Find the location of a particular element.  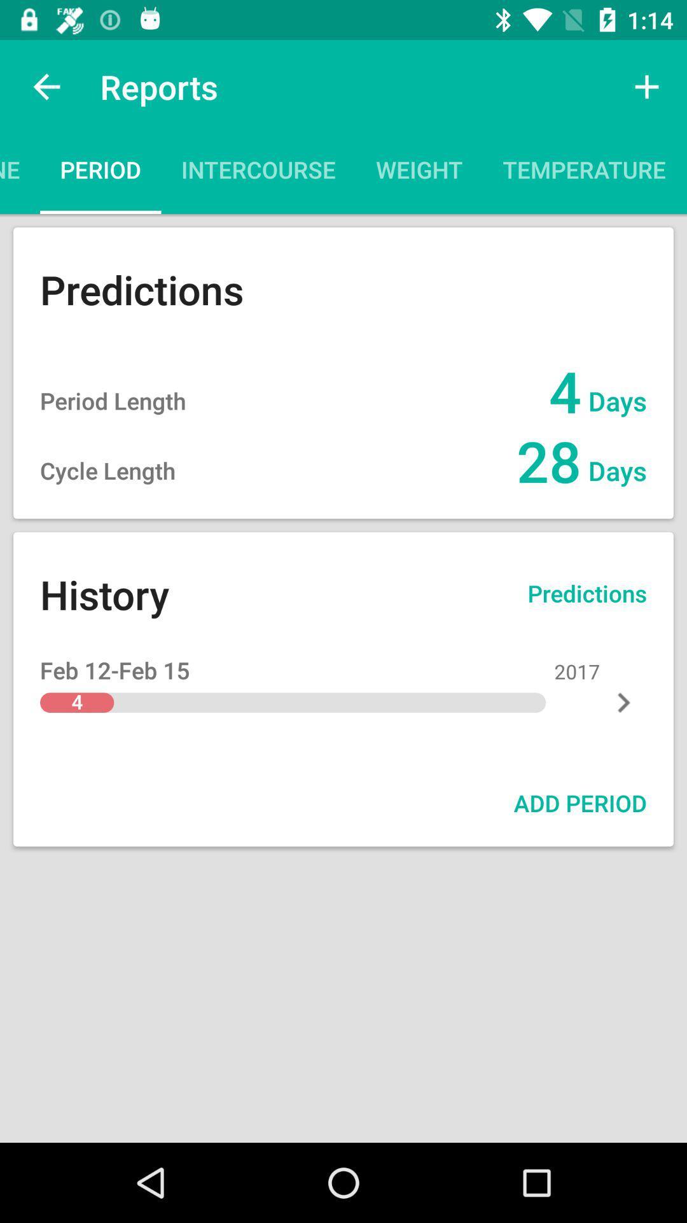

the icon to the right of weight item is located at coordinates (584, 173).